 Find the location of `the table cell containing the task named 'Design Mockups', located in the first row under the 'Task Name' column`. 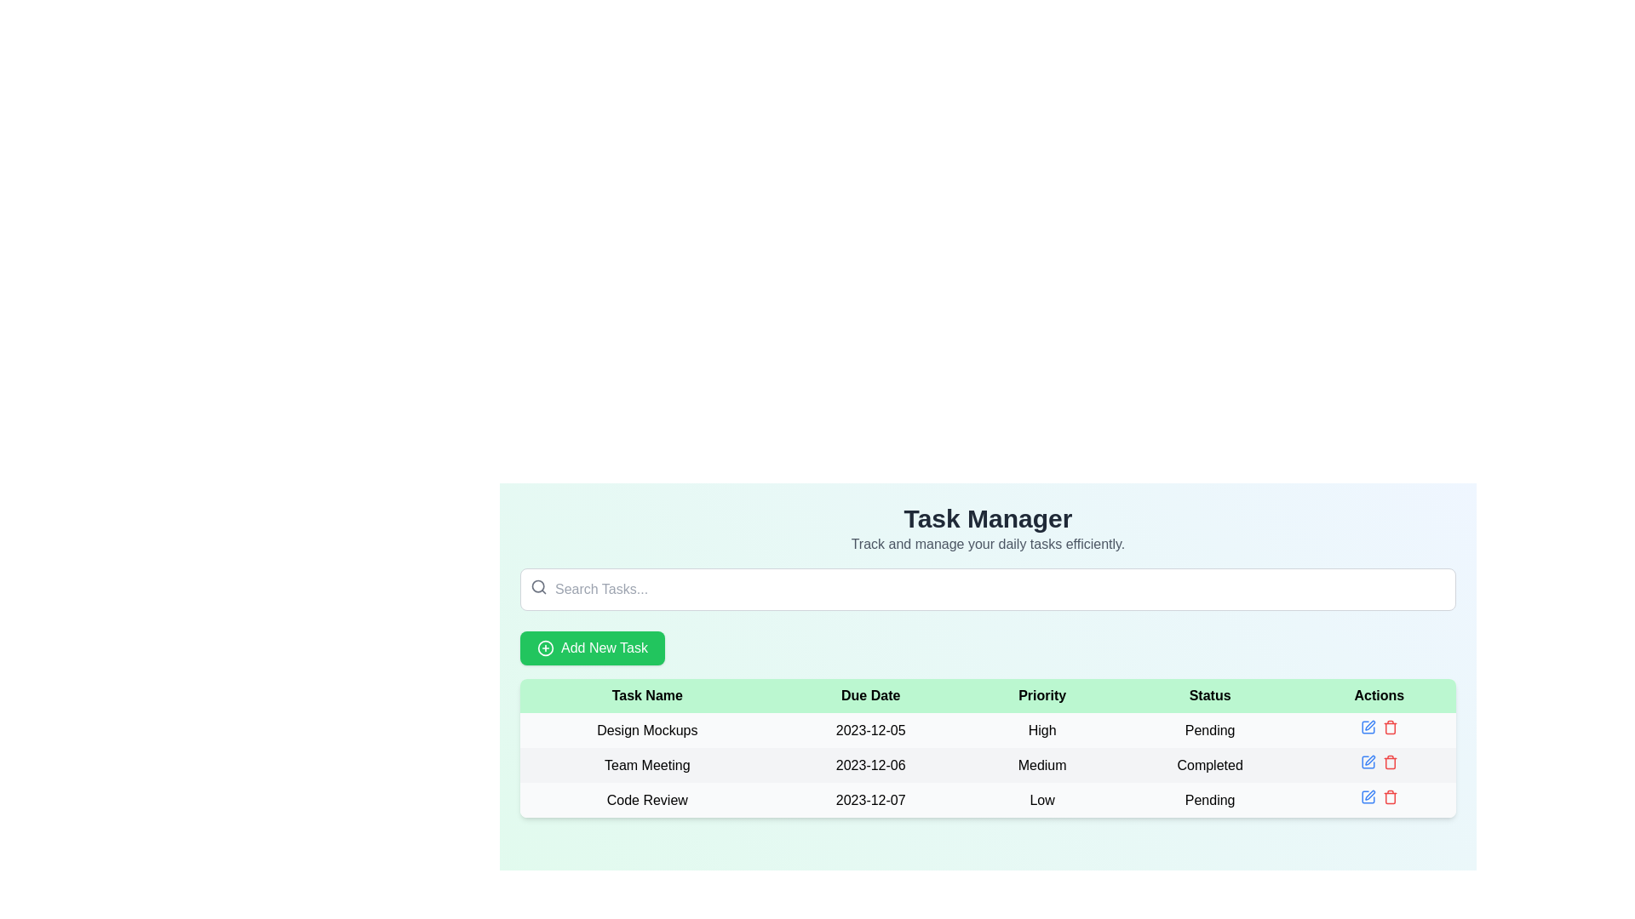

the table cell containing the task named 'Design Mockups', located in the first row under the 'Task Name' column is located at coordinates (646, 729).